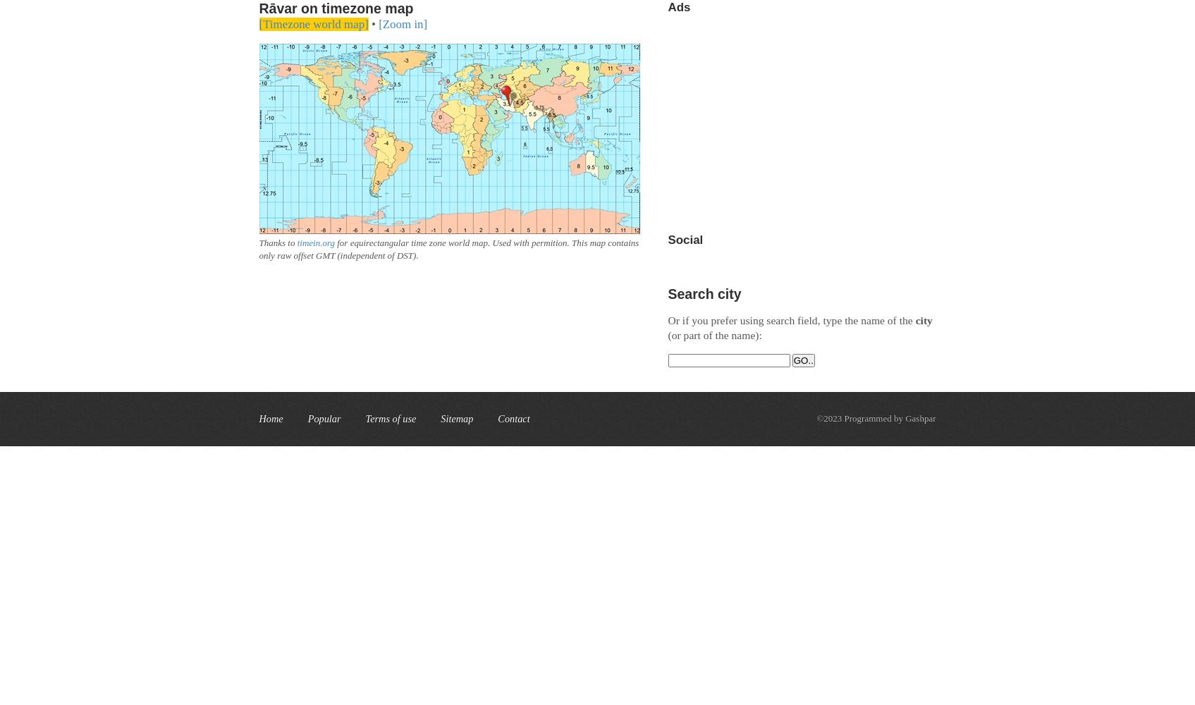 This screenshot has height=705, width=1195. I want to click on '(or part of the name):', so click(713, 334).